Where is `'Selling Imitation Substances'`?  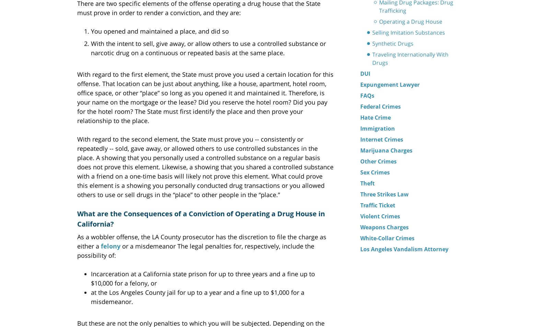
'Selling Imitation Substances' is located at coordinates (409, 32).